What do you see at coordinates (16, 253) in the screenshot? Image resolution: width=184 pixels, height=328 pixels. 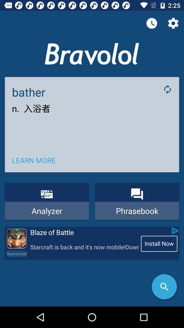 I see `sponsored icon` at bounding box center [16, 253].